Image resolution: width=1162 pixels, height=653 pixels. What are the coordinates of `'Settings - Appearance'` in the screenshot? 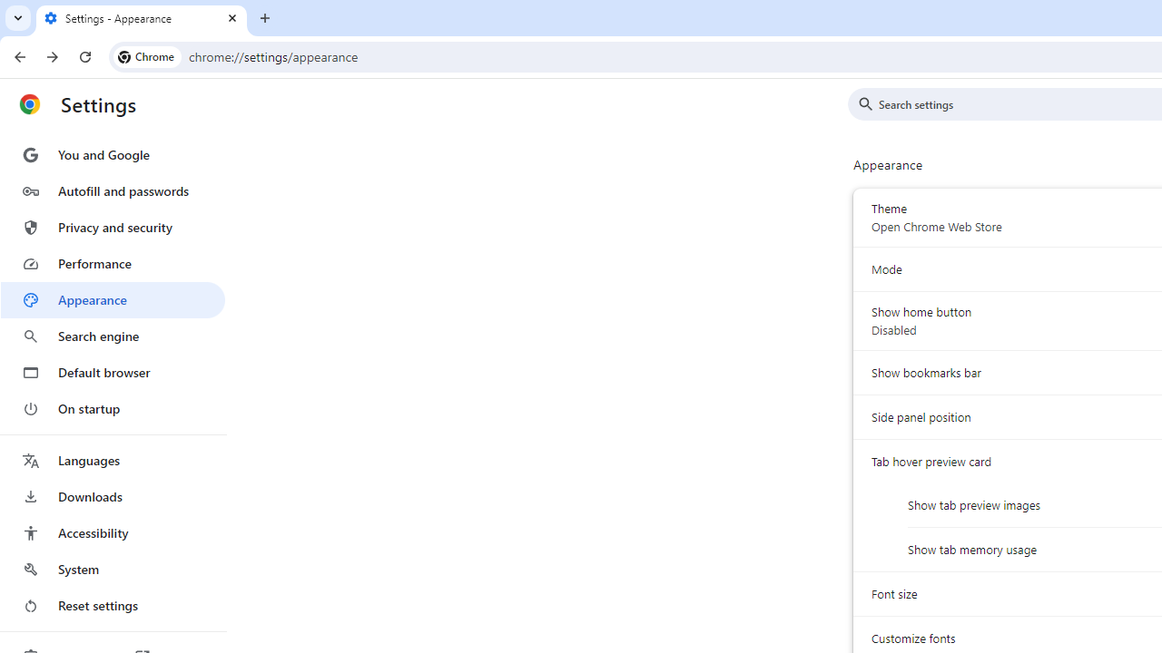 It's located at (141, 18).